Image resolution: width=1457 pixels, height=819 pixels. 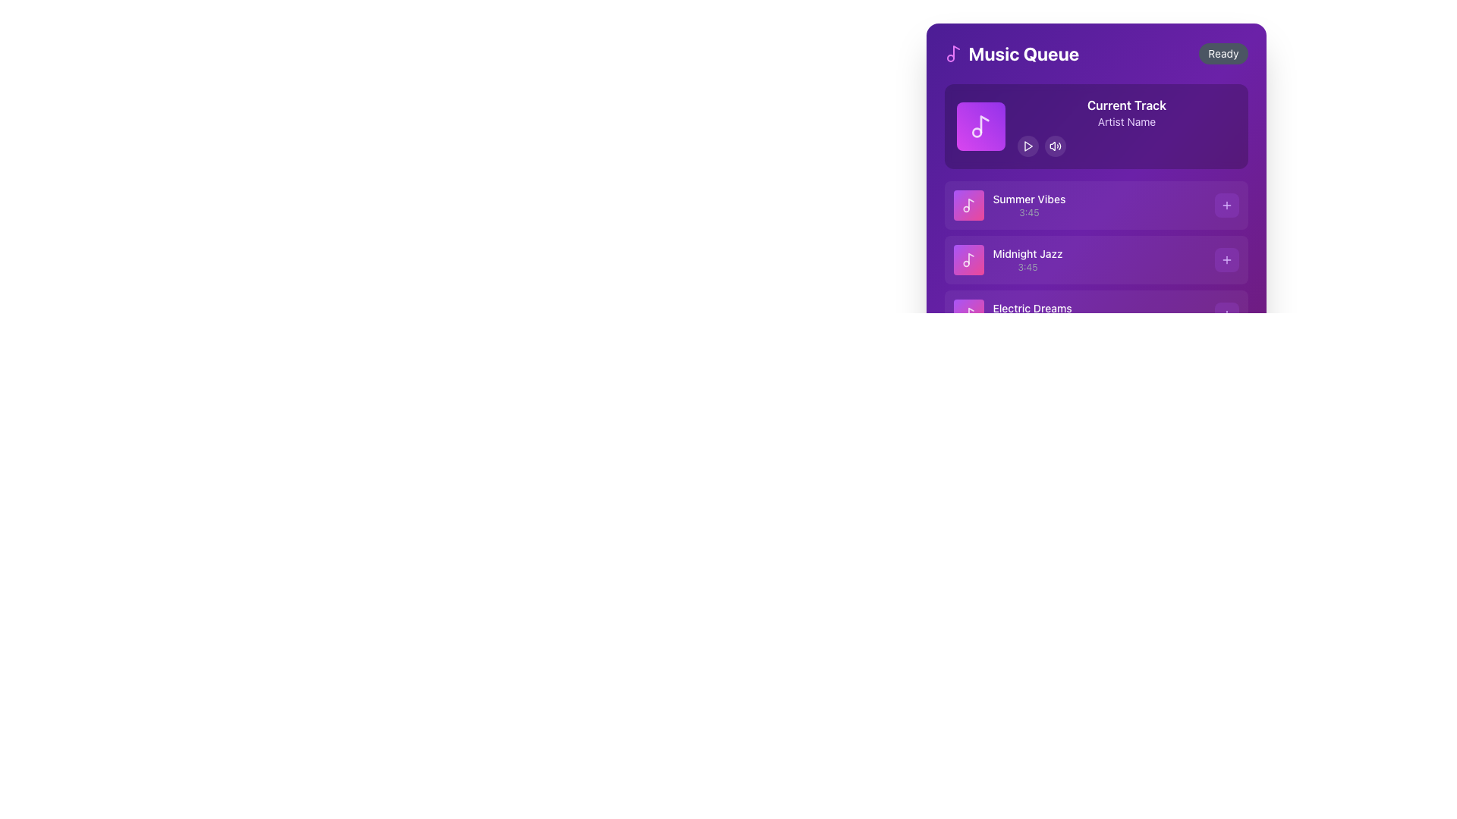 I want to click on the Text Display that shows the artist's name for the currently playing track, located within the Current Track panel, so click(x=1126, y=121).